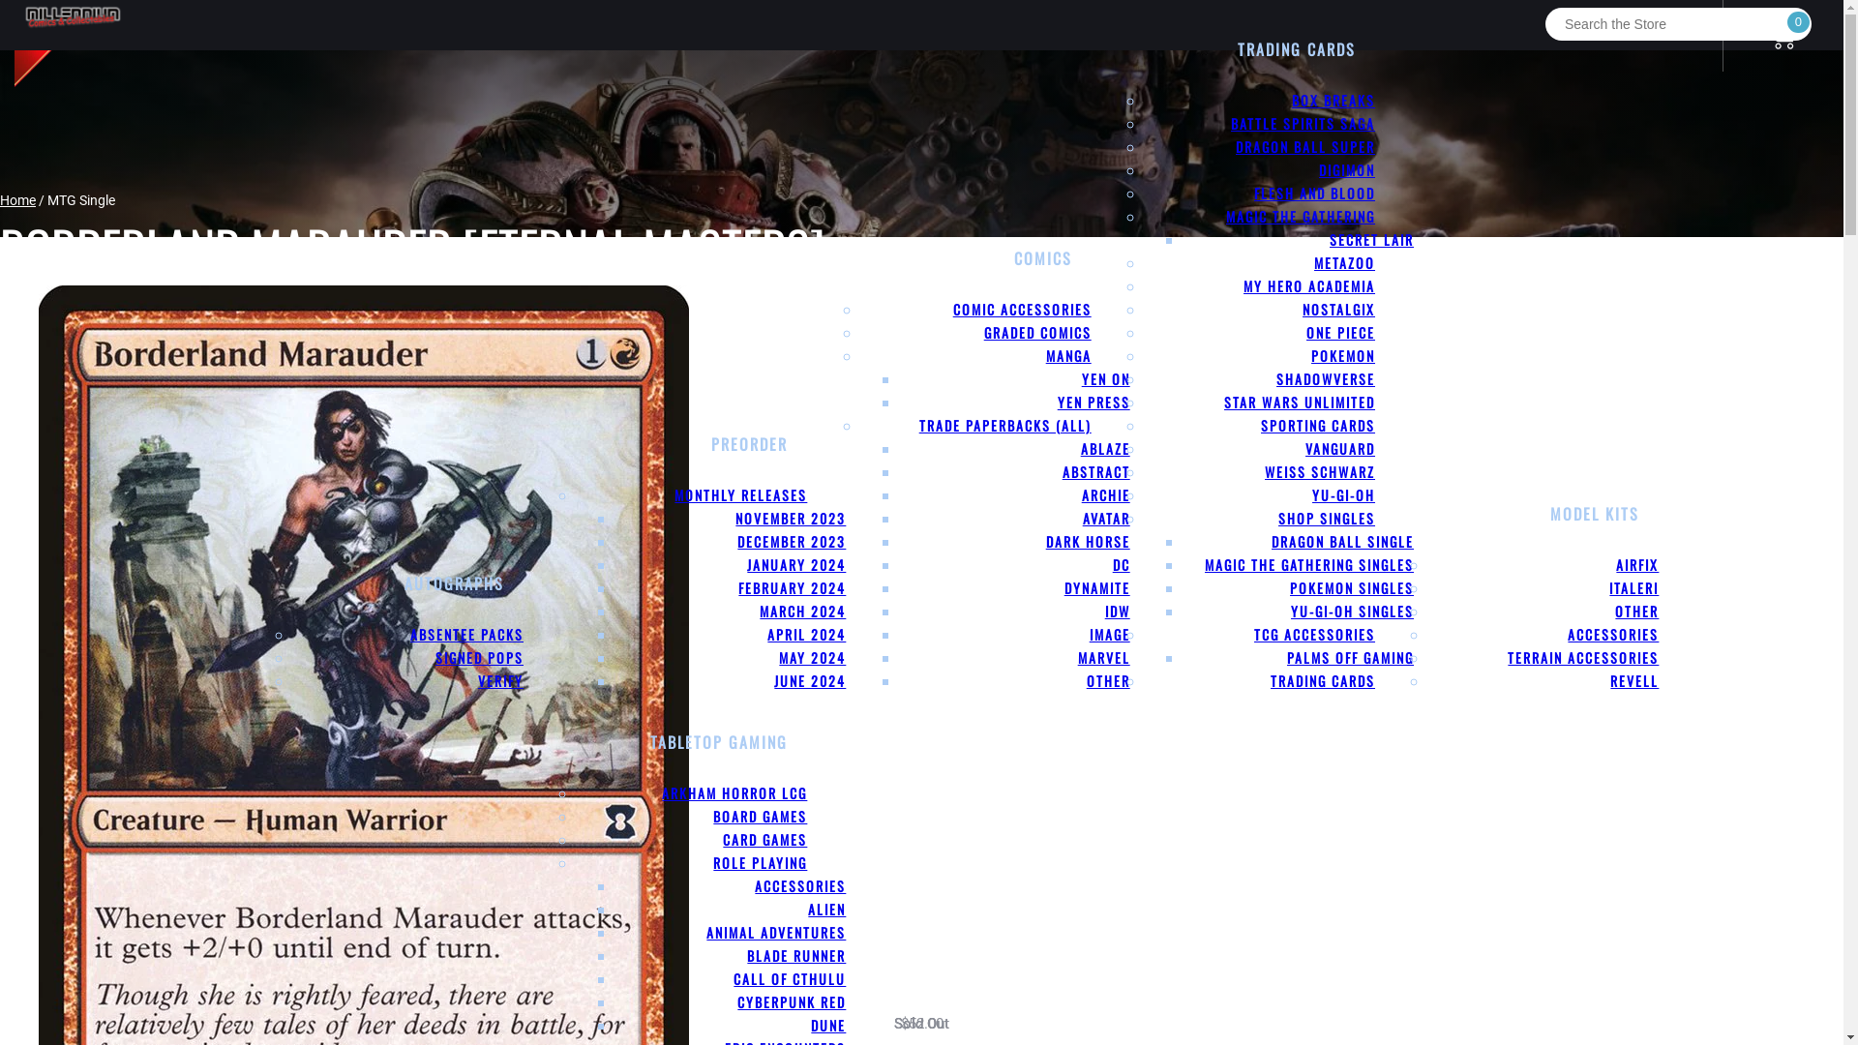  Describe the element at coordinates (1300, 401) in the screenshot. I see `'STAR WARS UNLIMITED'` at that location.